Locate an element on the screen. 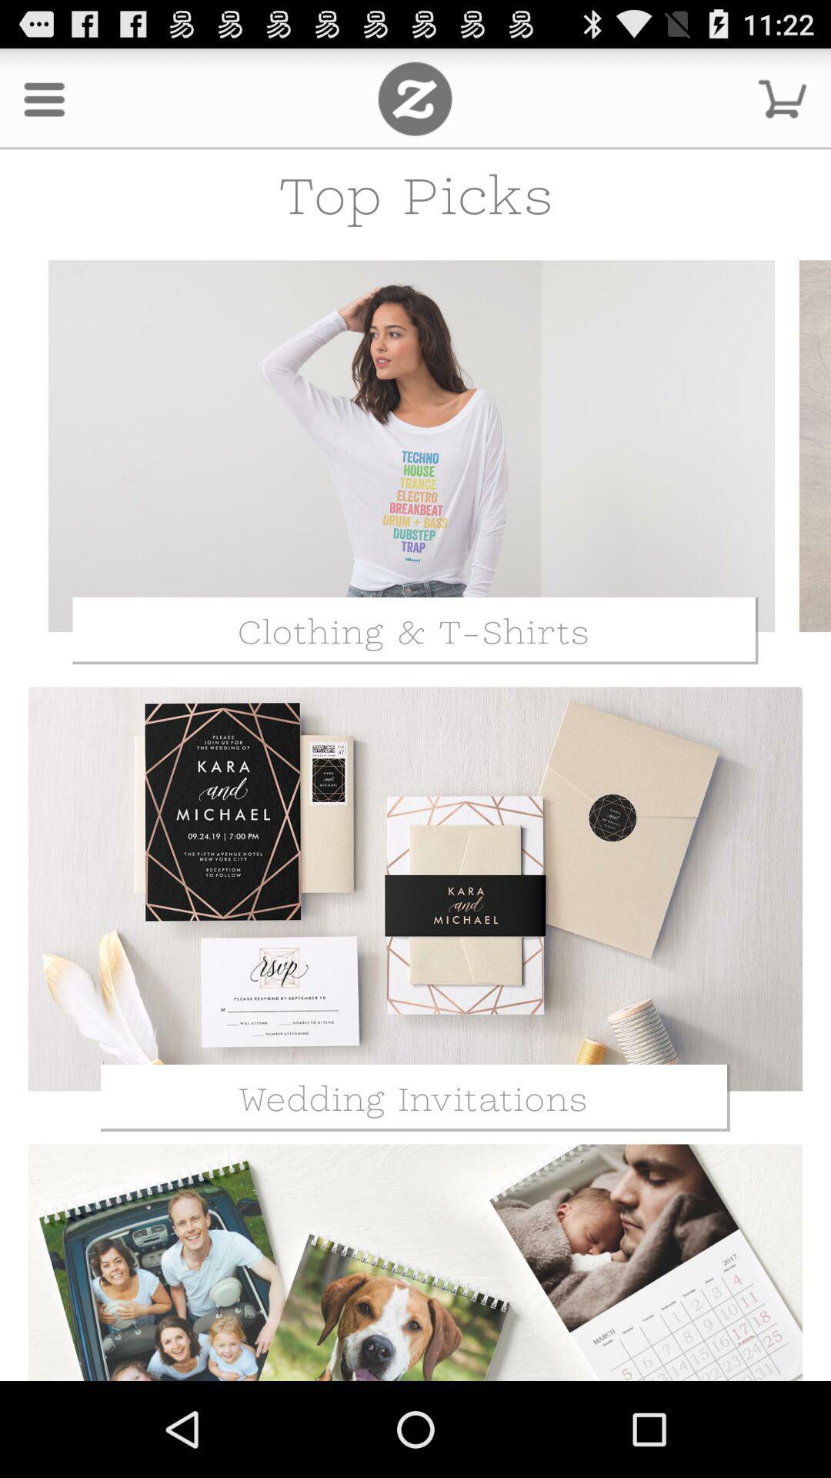 Image resolution: width=831 pixels, height=1478 pixels. the images which is just below the wedding invitations is located at coordinates (415, 1262).